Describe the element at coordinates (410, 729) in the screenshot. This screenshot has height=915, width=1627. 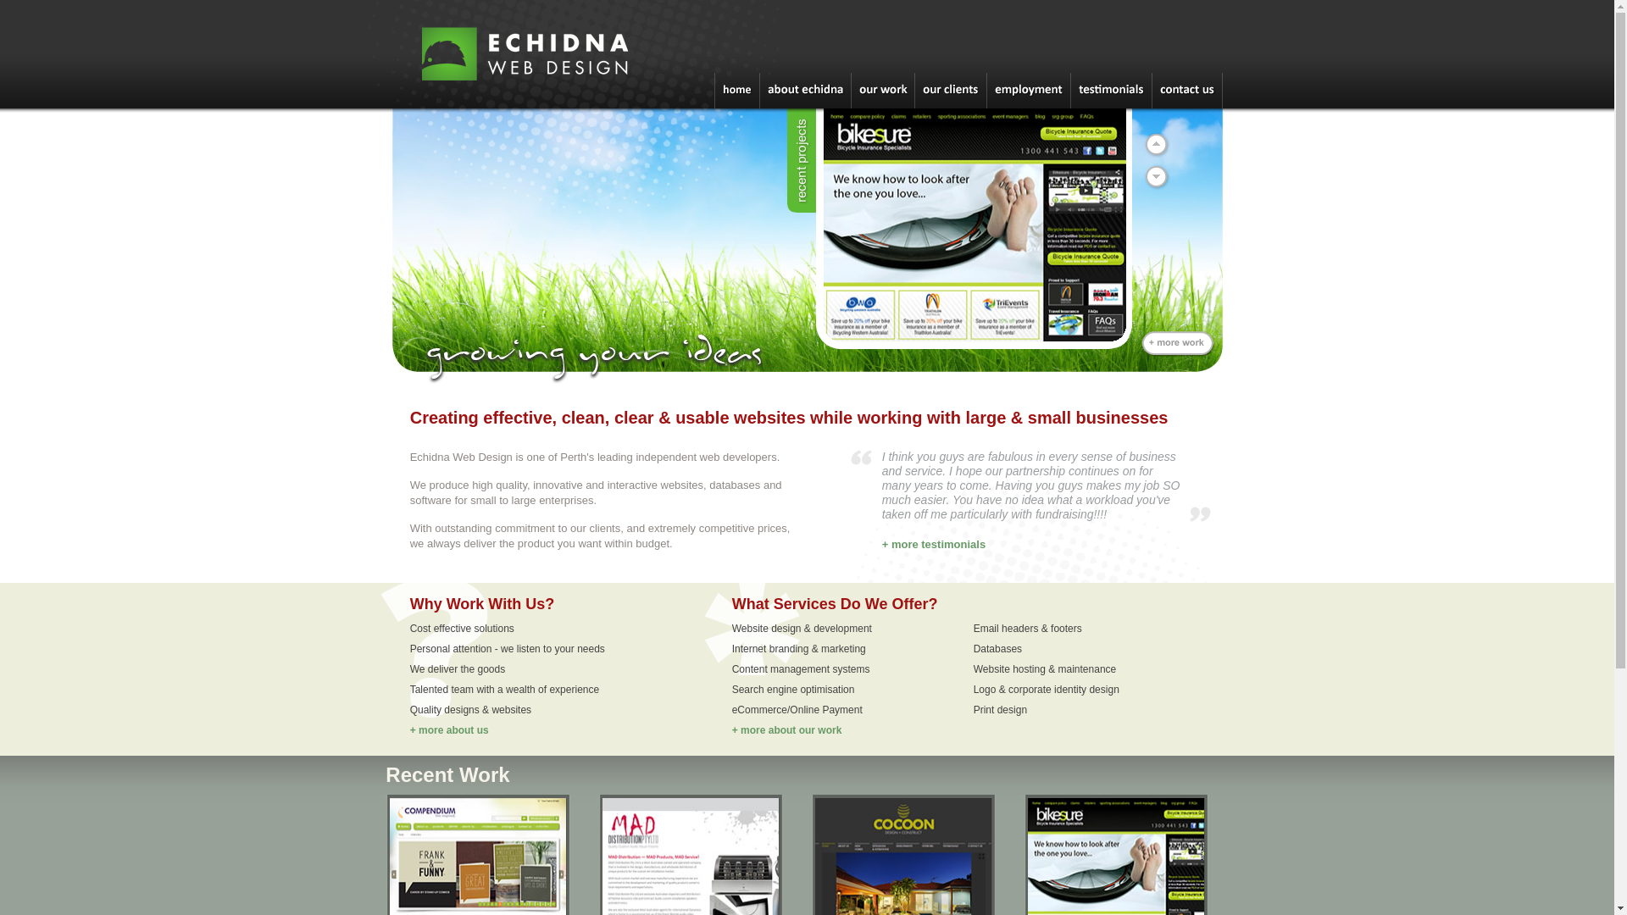
I see `'+ more about us'` at that location.